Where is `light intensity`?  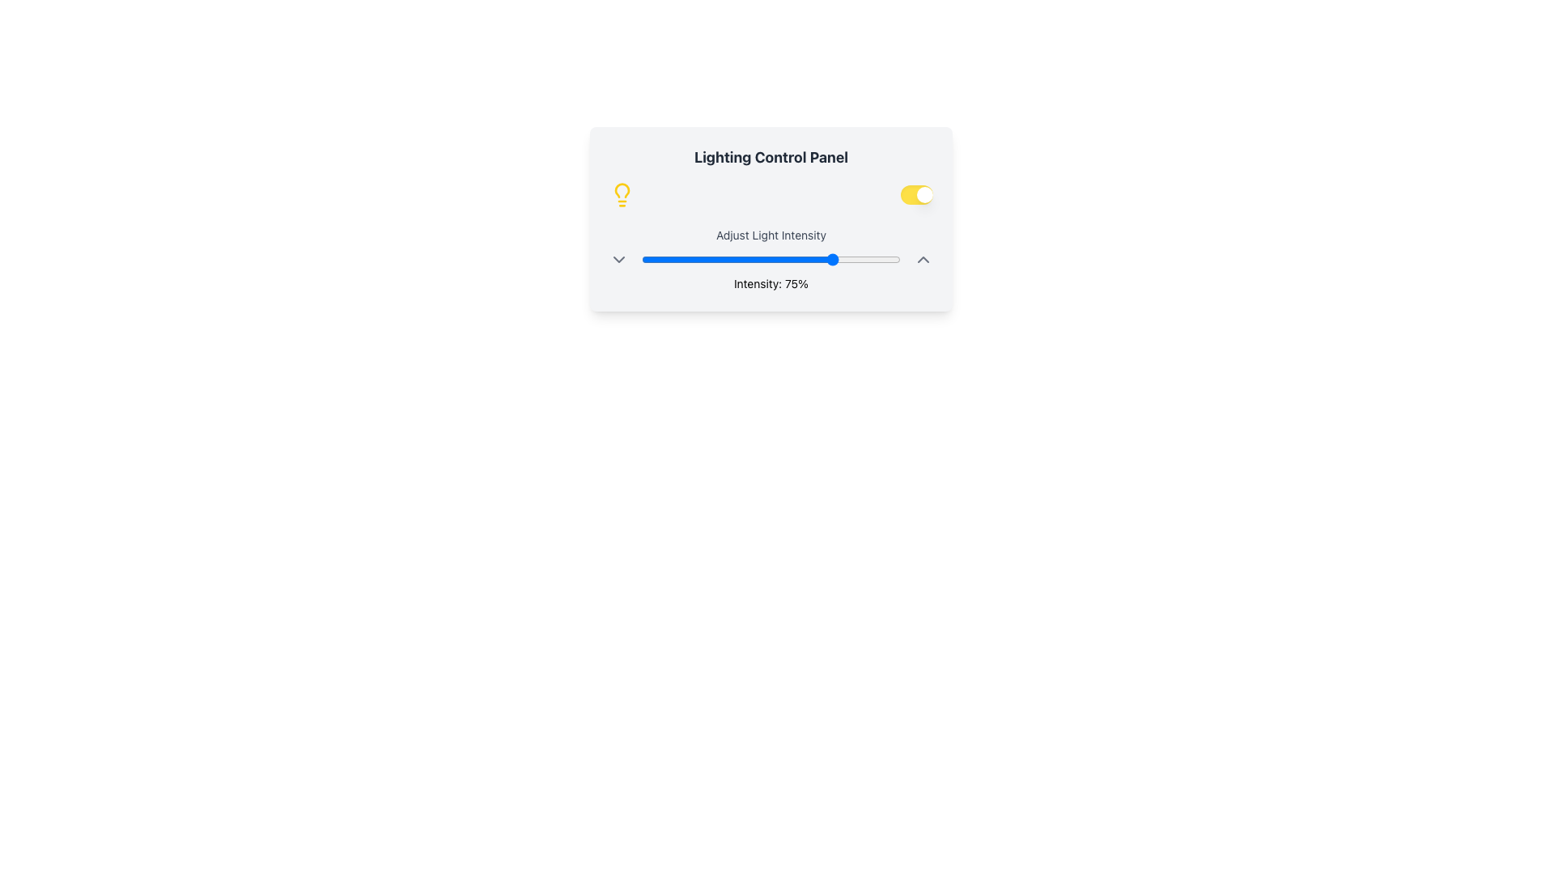
light intensity is located at coordinates (839, 258).